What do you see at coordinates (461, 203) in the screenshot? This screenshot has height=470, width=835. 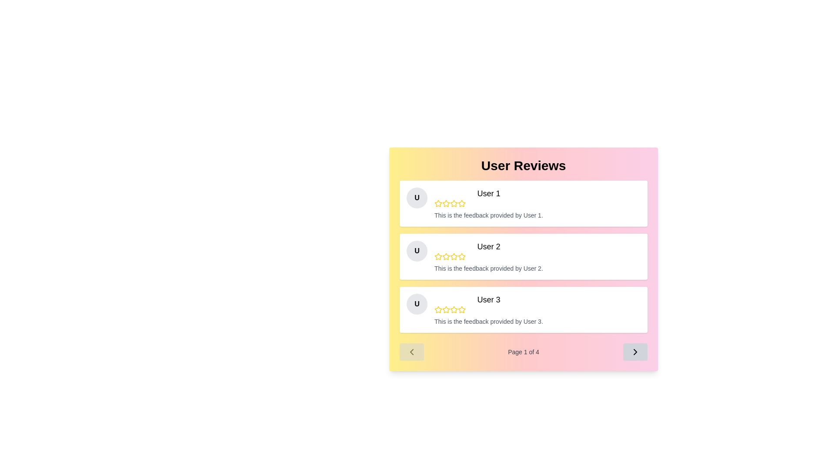 I see `the sixth yellow star icon with a hollow center` at bounding box center [461, 203].